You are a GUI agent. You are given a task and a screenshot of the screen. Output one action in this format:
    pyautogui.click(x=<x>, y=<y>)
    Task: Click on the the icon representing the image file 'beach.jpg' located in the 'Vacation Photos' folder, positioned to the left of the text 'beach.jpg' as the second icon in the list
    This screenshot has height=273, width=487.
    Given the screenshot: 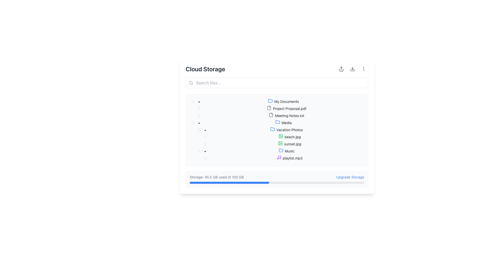 What is the action you would take?
    pyautogui.click(x=280, y=143)
    